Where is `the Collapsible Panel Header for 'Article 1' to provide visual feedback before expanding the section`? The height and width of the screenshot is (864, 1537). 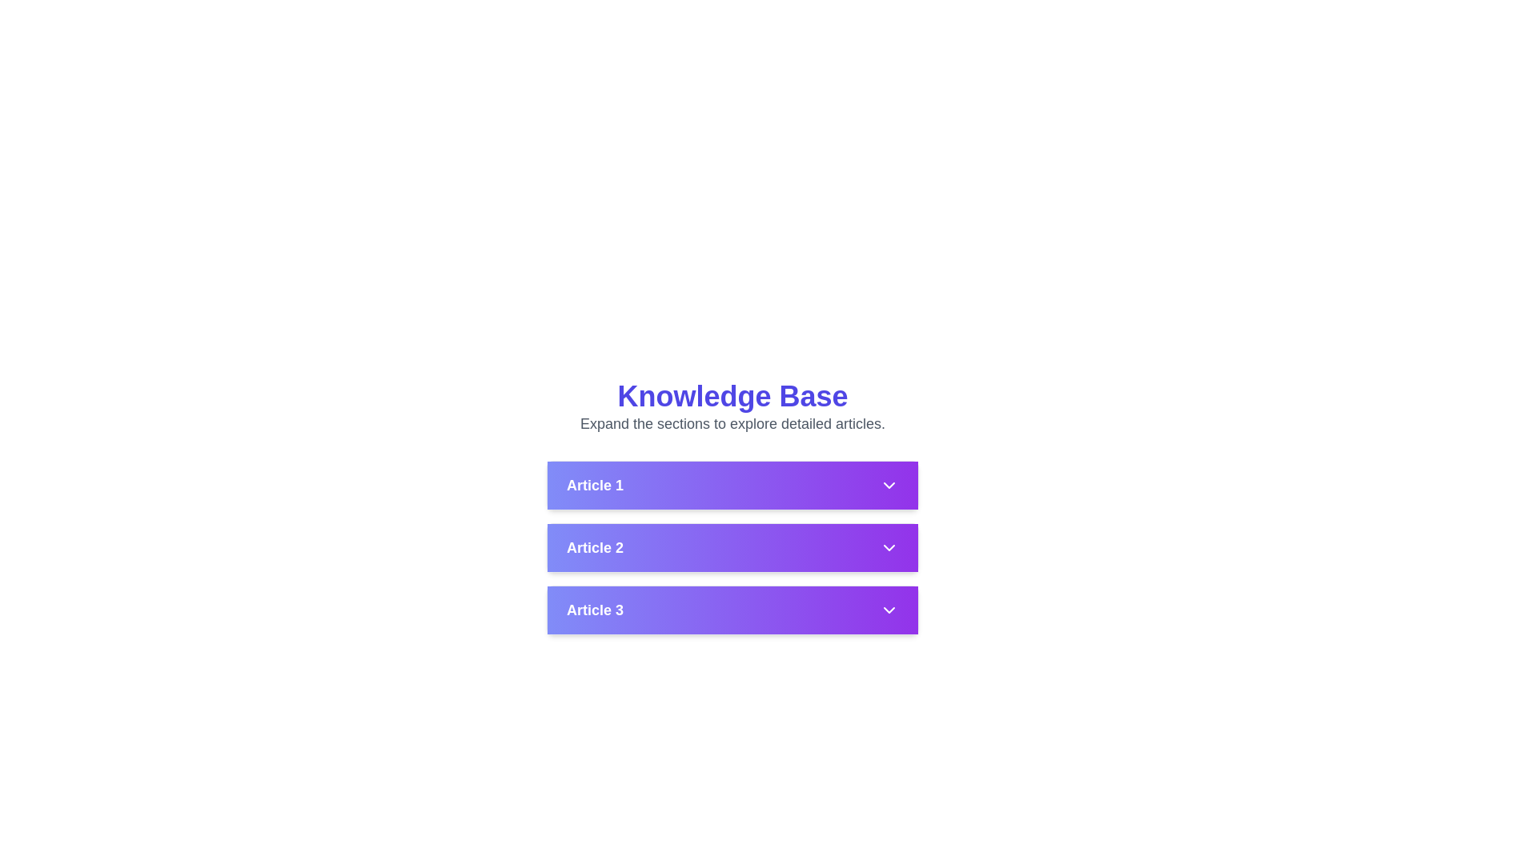
the Collapsible Panel Header for 'Article 1' to provide visual feedback before expanding the section is located at coordinates (732, 514).